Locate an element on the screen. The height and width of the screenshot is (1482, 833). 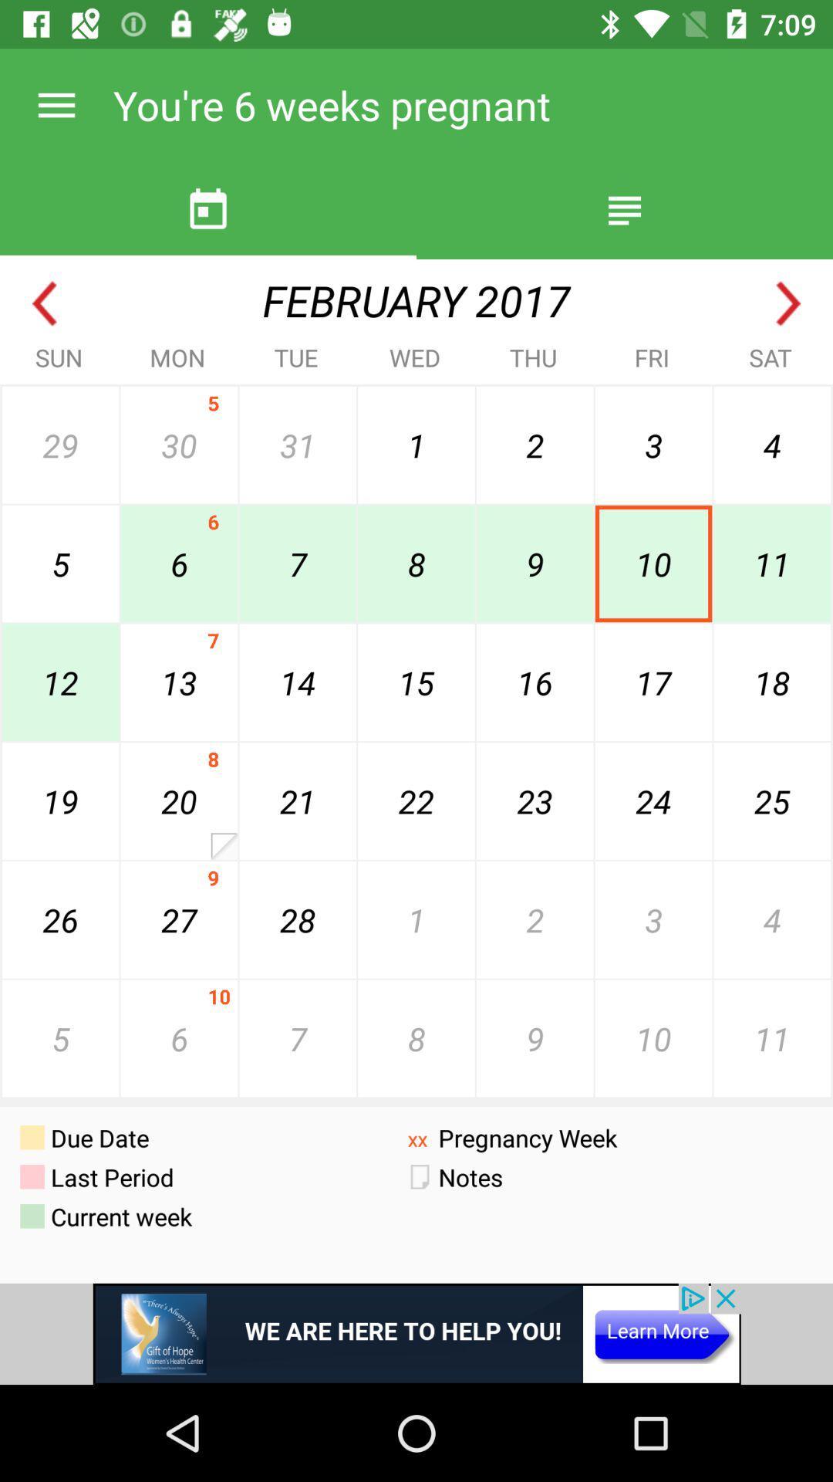
open advertisement is located at coordinates (416, 1333).